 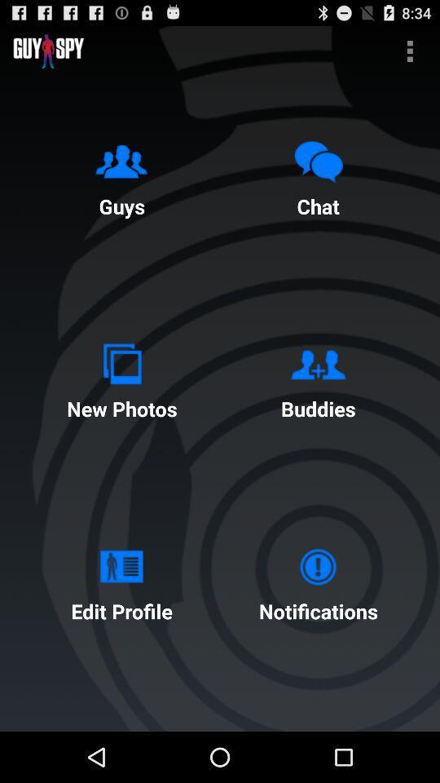 I want to click on chat button, so click(x=318, y=175).